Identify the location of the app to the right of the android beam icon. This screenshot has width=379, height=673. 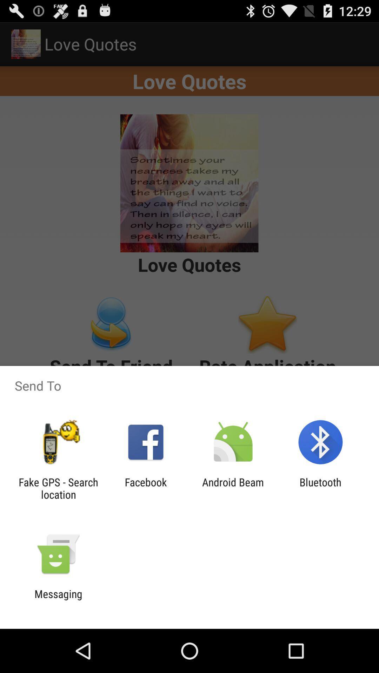
(320, 488).